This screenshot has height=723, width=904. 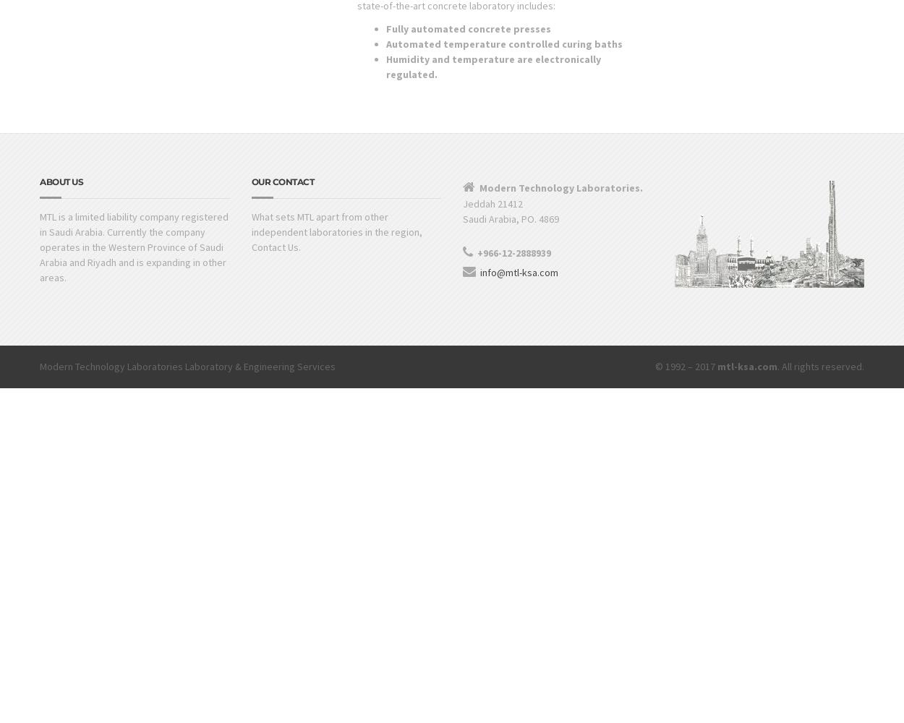 What do you see at coordinates (40, 367) in the screenshot?
I see `'Modern Technology Laboratories'` at bounding box center [40, 367].